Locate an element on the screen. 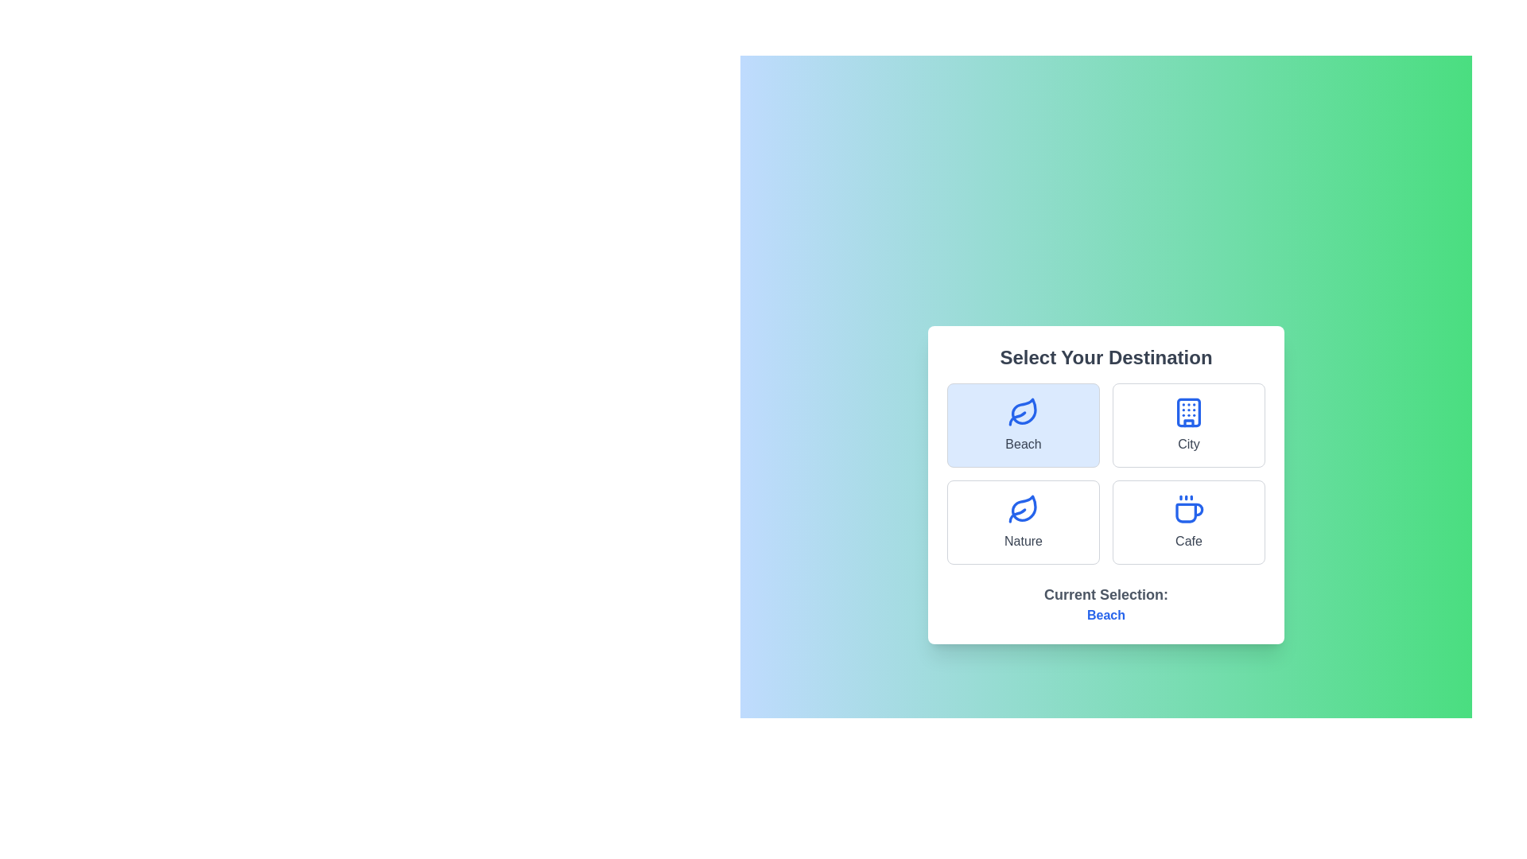 The height and width of the screenshot is (859, 1527). the Cafe option to select it is located at coordinates (1188, 522).